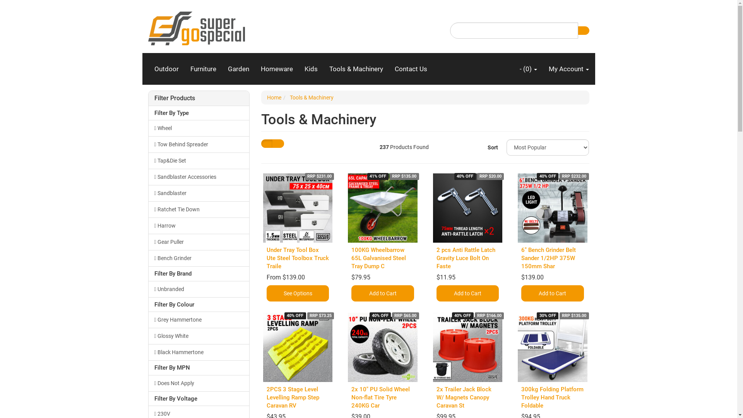 The height and width of the screenshot is (418, 743). I want to click on 'Outdoor', so click(166, 68).